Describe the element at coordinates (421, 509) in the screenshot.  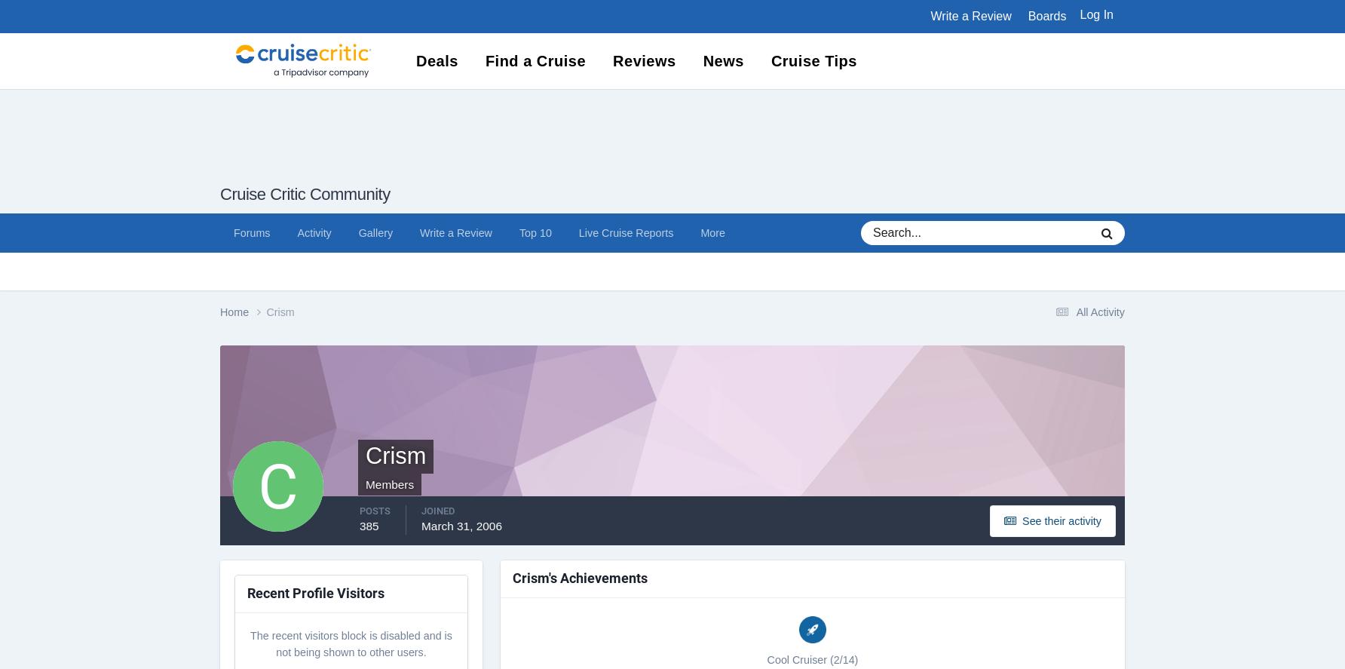
I see `'Joined'` at that location.